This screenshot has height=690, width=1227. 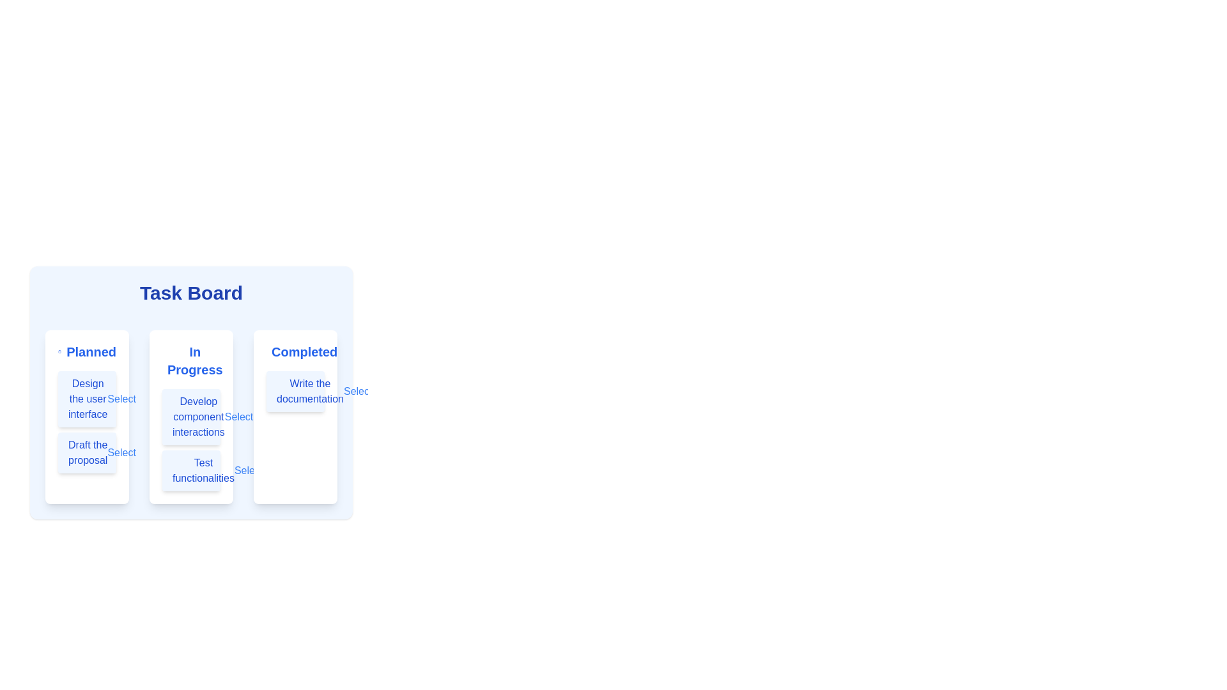 What do you see at coordinates (295, 391) in the screenshot?
I see `the text block labeled 'Write the documentation' in the 'Completed' column of the task board` at bounding box center [295, 391].